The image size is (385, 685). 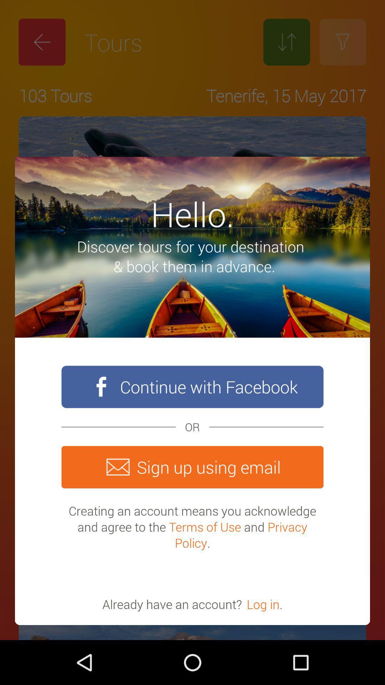 What do you see at coordinates (263, 604) in the screenshot?
I see `the icon next to already have an item` at bounding box center [263, 604].